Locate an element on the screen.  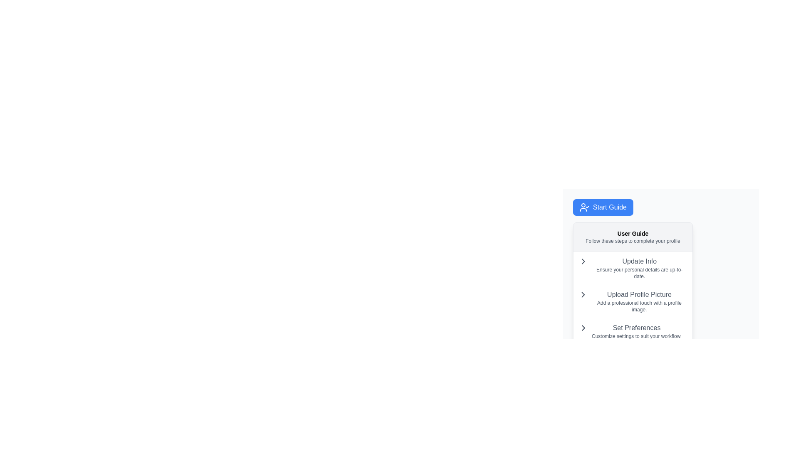
the text block styled with a small font reading 'Customize settings to suit your workflow.', located beneath 'Set Preferences.' is located at coordinates (636, 336).